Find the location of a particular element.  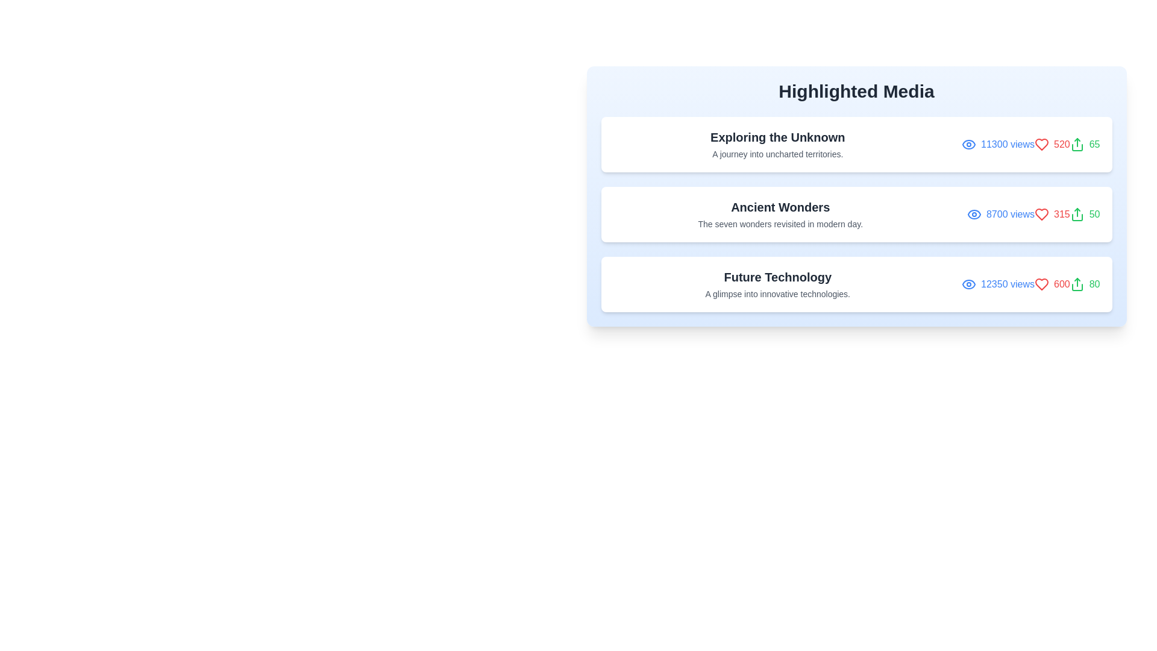

the media item titled 'Ancient Wonders' to view its details is located at coordinates (856, 213).